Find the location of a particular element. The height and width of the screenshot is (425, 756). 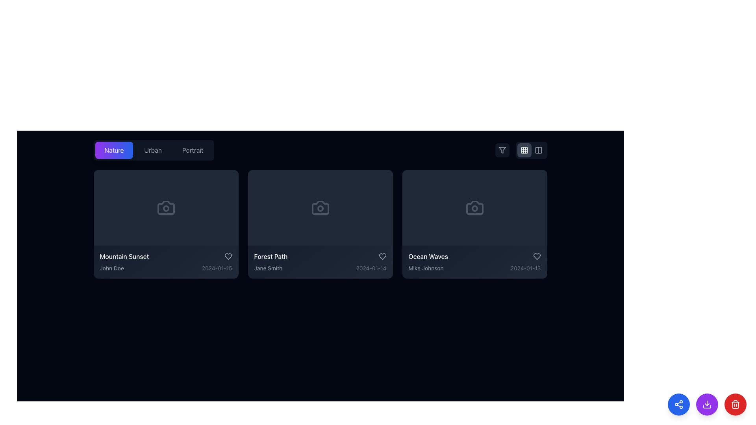

the 'Nature' button using keyboard navigation is located at coordinates (113, 150).